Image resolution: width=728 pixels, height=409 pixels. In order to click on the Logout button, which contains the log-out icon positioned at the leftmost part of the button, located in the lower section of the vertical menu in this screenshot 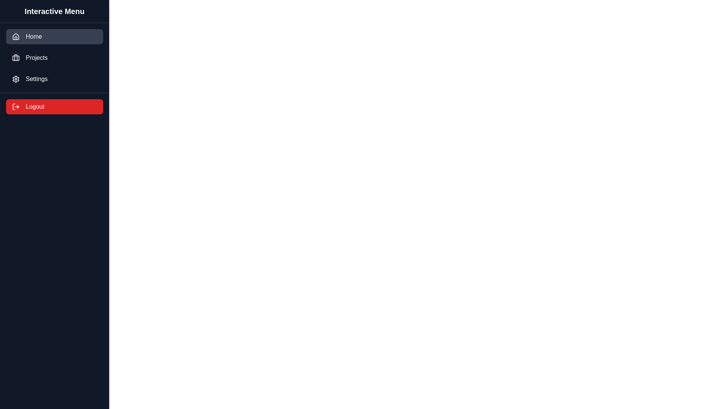, I will do `click(16, 106)`.